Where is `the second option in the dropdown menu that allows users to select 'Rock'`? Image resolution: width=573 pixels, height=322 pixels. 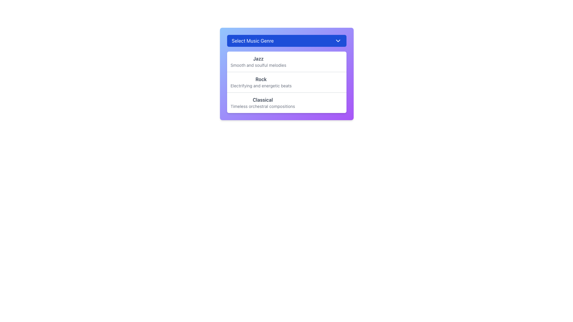 the second option in the dropdown menu that allows users to select 'Rock' is located at coordinates (286, 73).